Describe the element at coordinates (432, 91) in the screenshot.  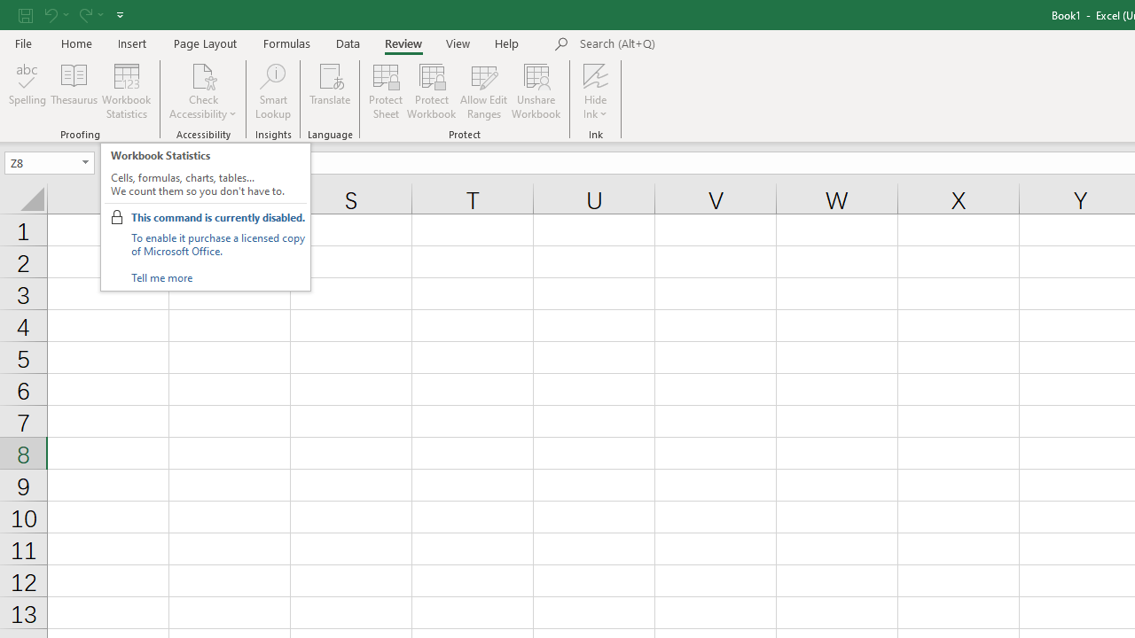
I see `'Protect Workbook...'` at that location.